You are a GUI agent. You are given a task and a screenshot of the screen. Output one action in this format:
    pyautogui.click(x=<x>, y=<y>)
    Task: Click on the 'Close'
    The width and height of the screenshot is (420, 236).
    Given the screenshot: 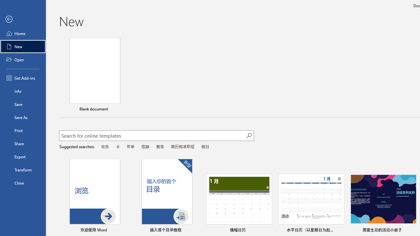 What is the action you would take?
    pyautogui.click(x=23, y=183)
    